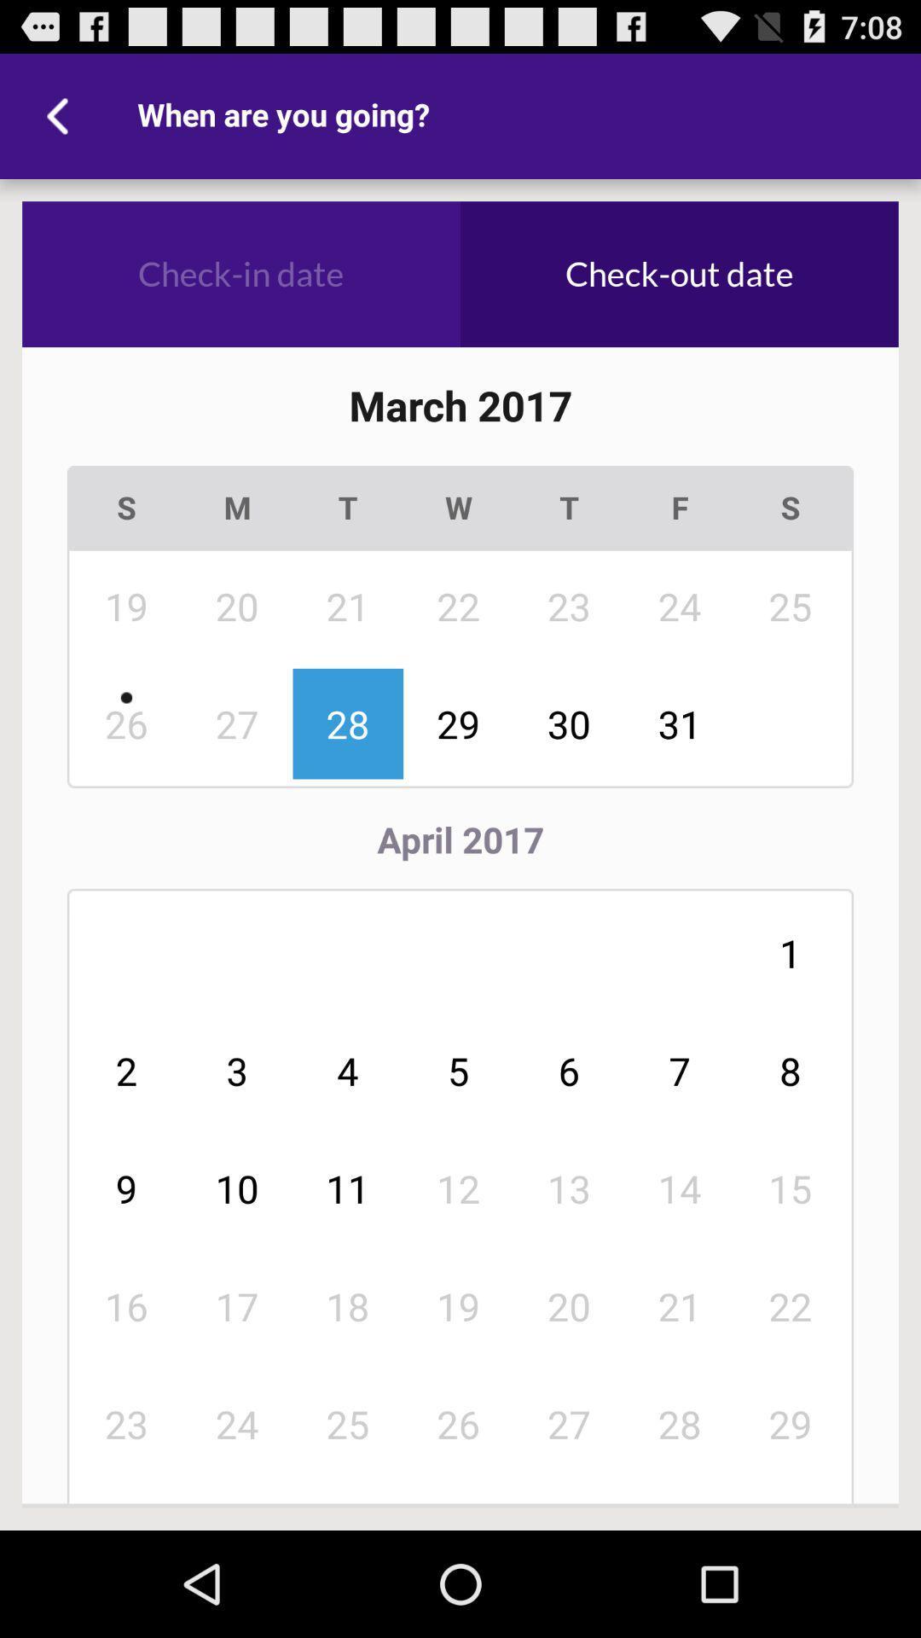 The image size is (921, 1638). I want to click on the item above check-in date icon, so click(61, 115).